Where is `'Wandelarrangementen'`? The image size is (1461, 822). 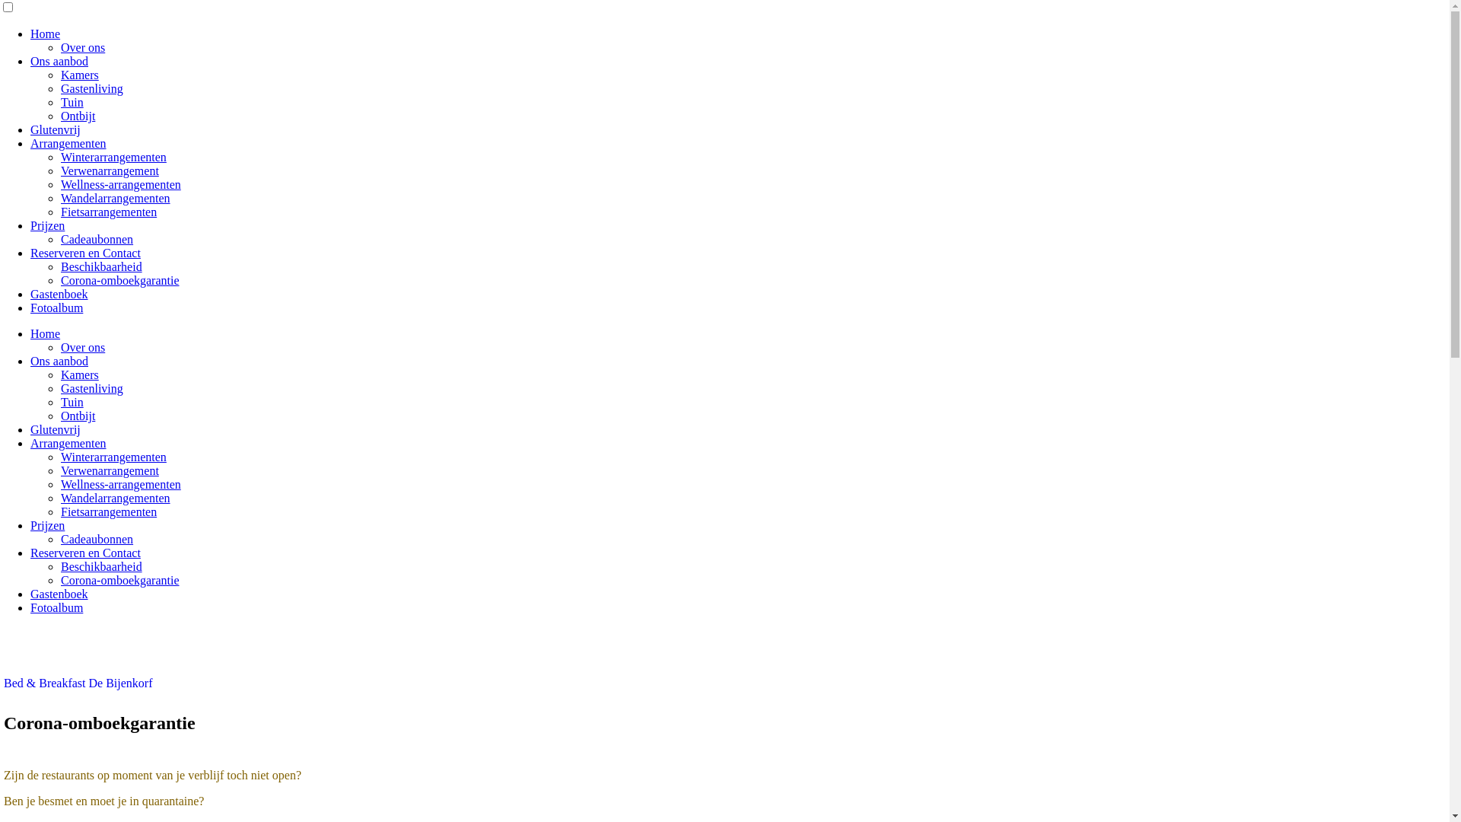 'Wandelarrangementen' is located at coordinates (115, 197).